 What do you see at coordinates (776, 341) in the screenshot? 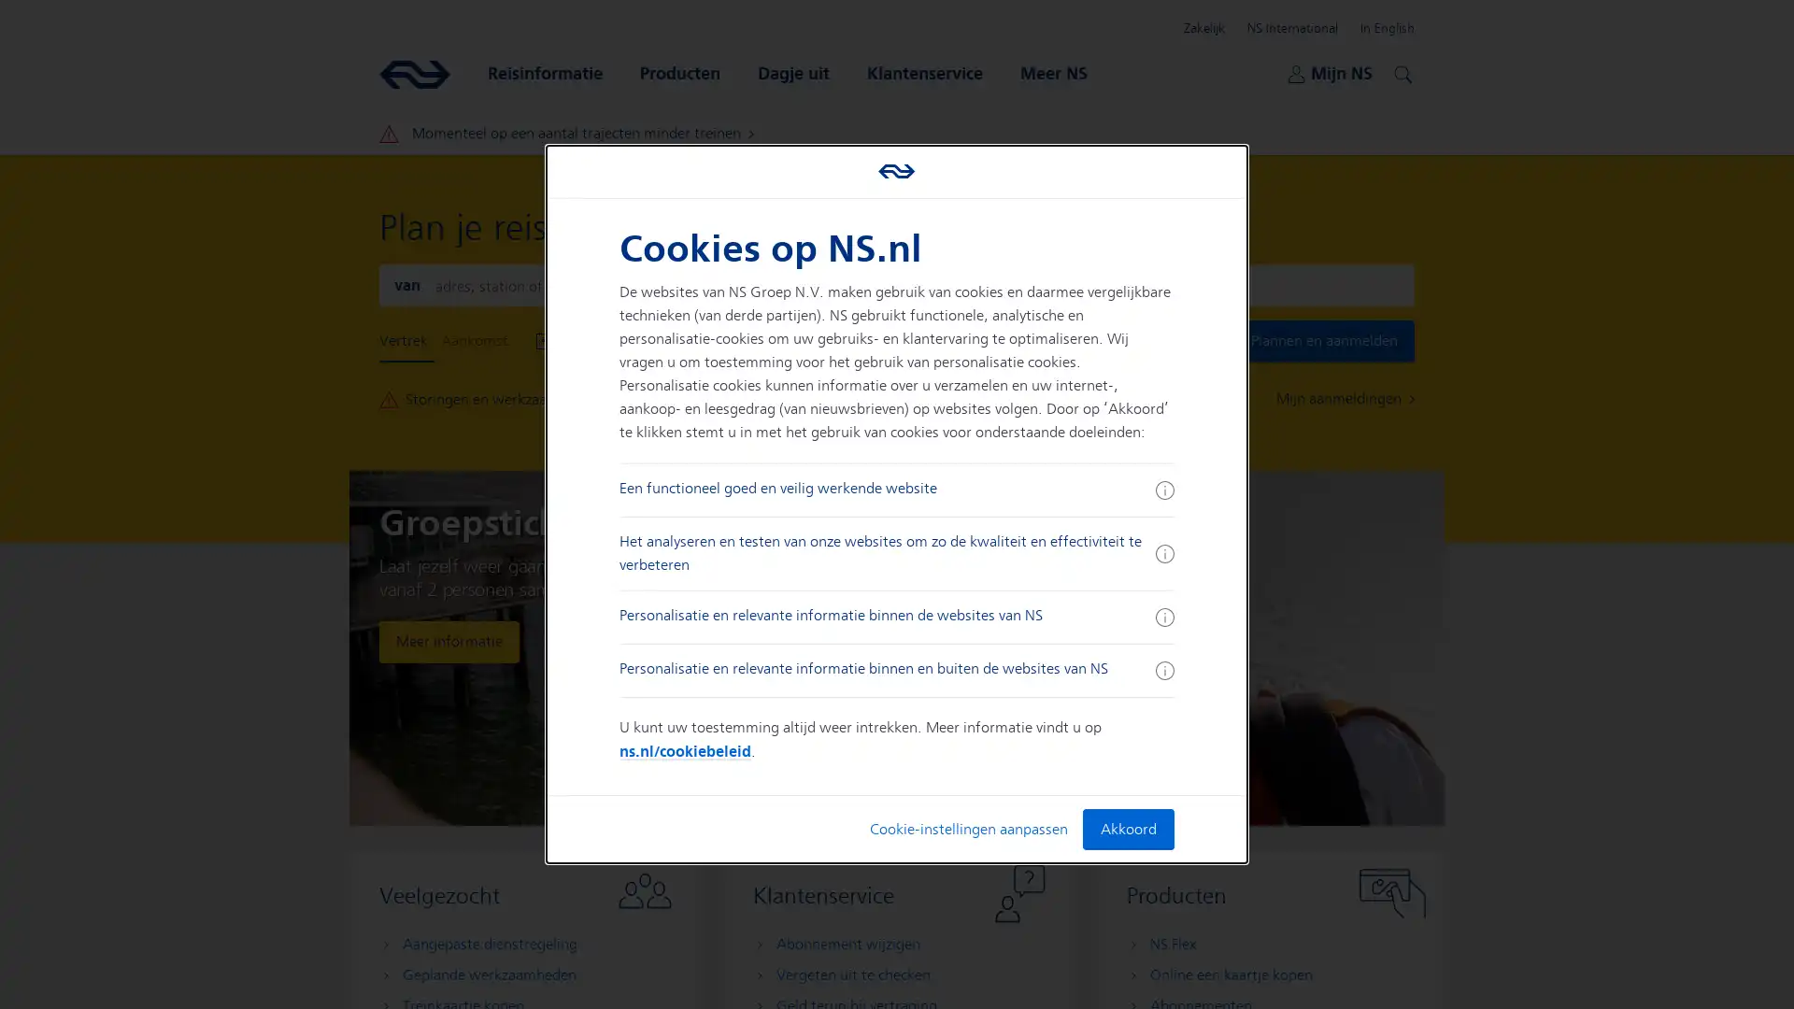
I see `Vertrek Nu` at bounding box center [776, 341].